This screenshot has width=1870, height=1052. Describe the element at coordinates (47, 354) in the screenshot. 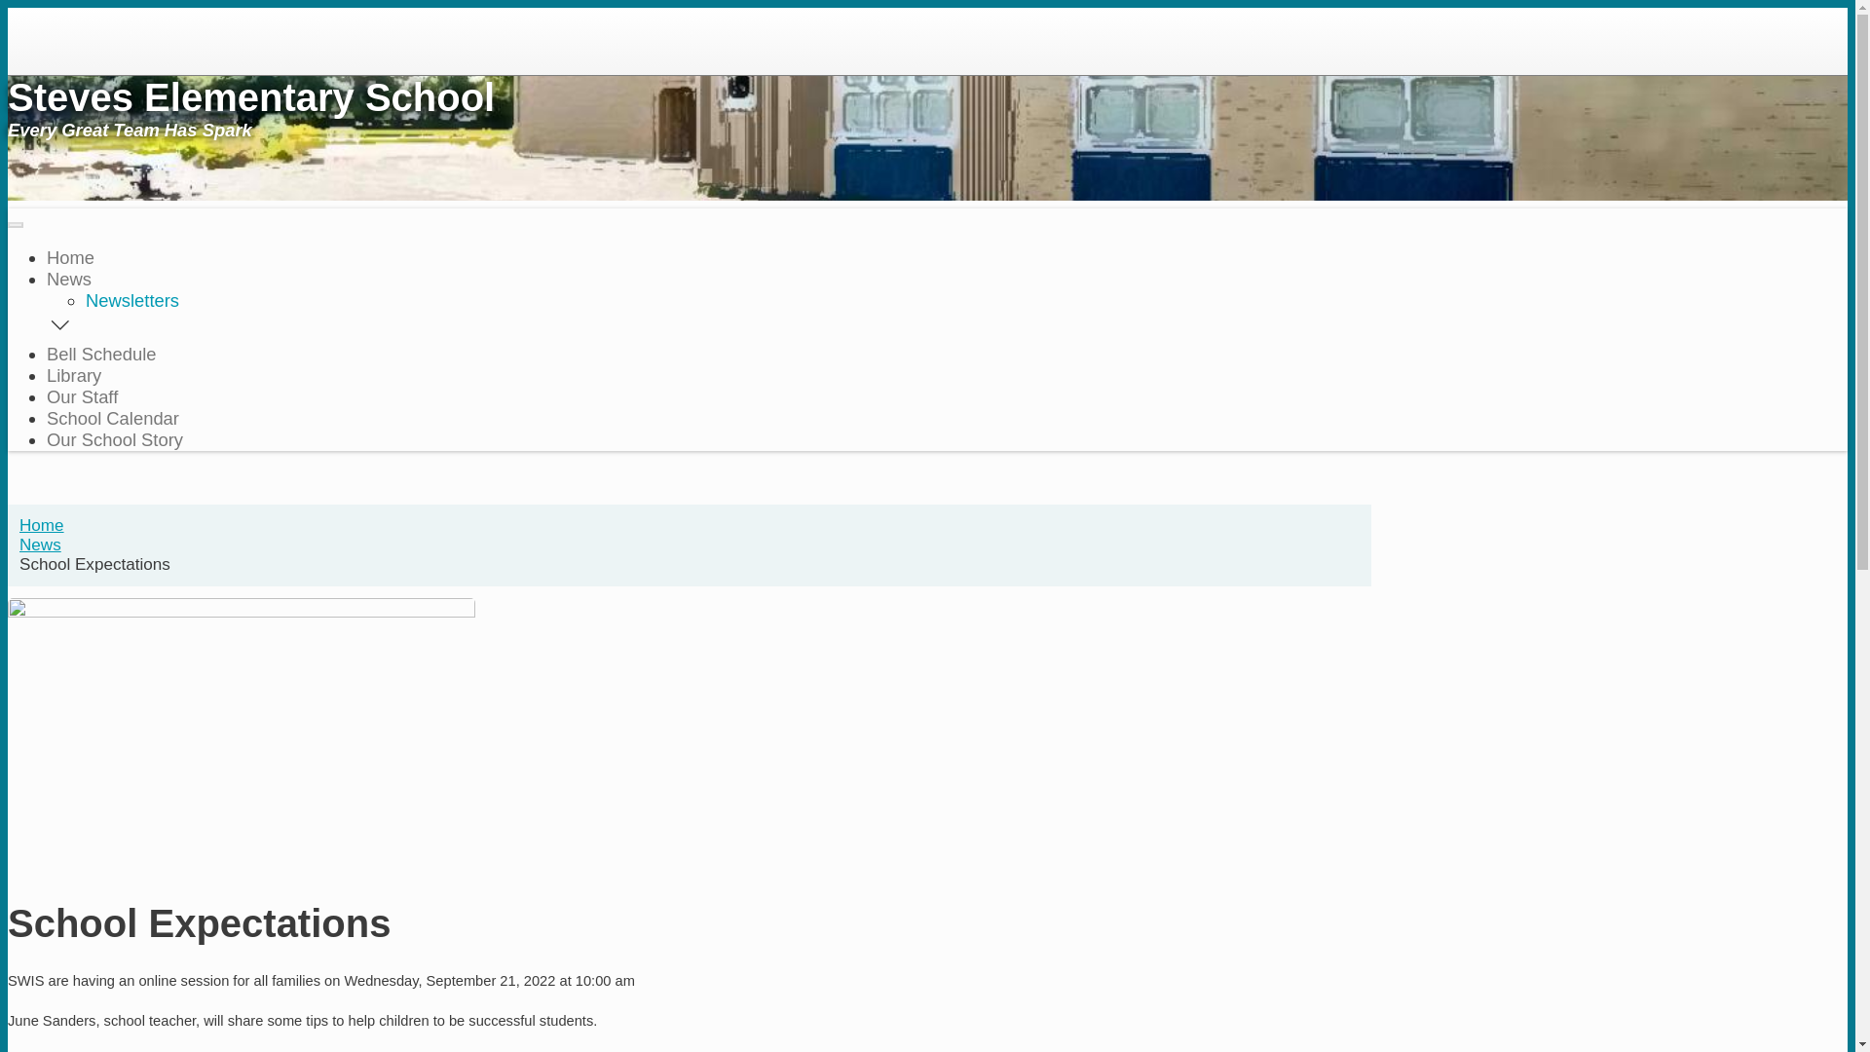

I see `'Bell Schedule'` at that location.